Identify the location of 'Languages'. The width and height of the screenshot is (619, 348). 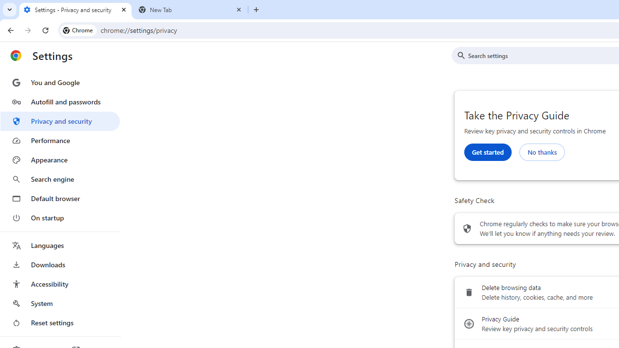
(59, 245).